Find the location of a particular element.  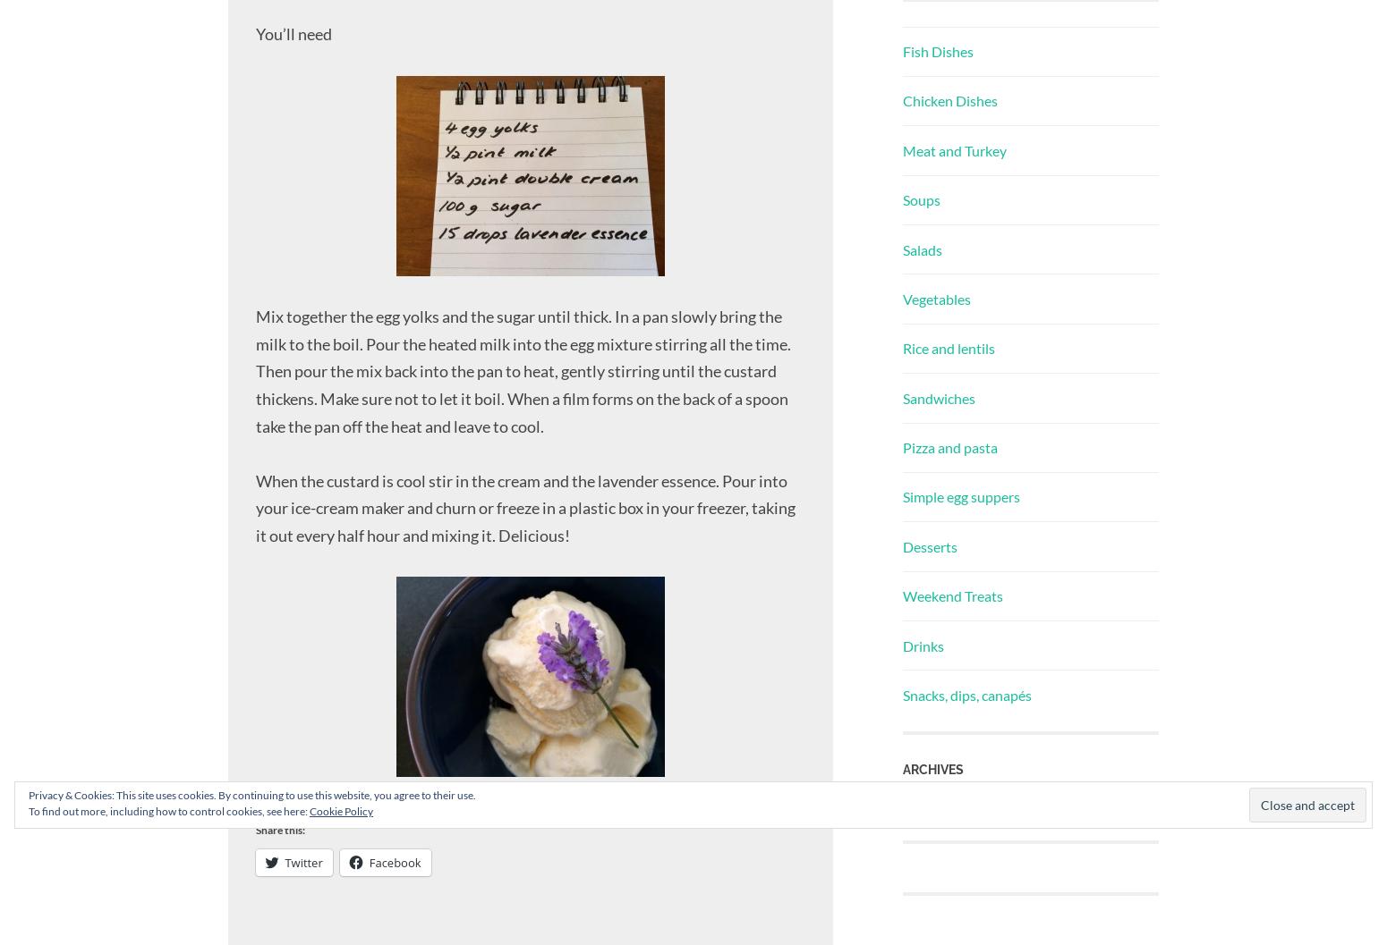

'Snacks, dips, canapés' is located at coordinates (966, 694).